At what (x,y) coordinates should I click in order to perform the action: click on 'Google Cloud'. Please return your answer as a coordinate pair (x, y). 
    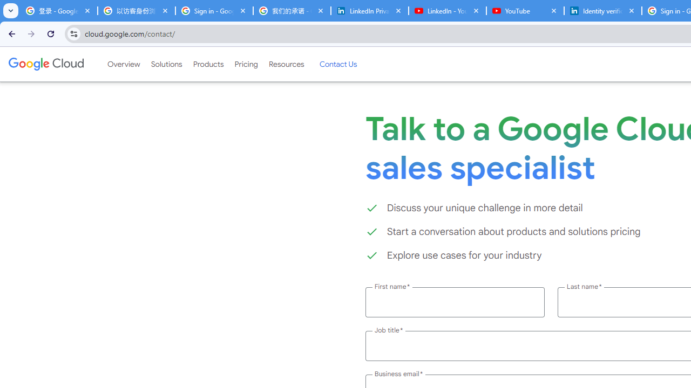
    Looking at the image, I should click on (45, 64).